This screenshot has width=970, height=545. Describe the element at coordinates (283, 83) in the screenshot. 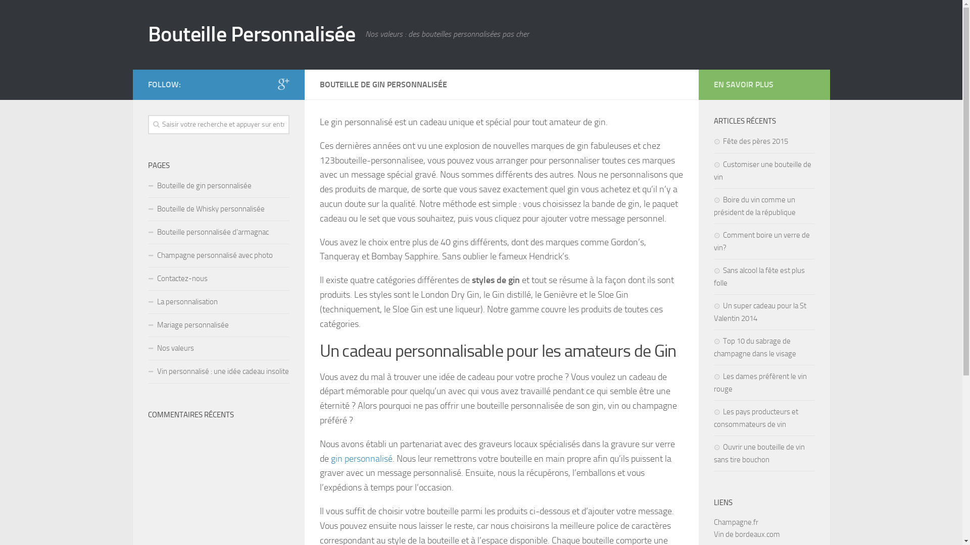

I see `'Google+'` at that location.